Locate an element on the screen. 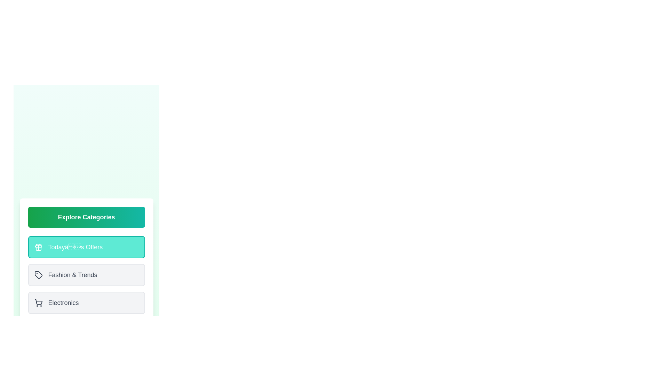  the tile corresponding to the category Today’s Offers to select it is located at coordinates (86, 246).